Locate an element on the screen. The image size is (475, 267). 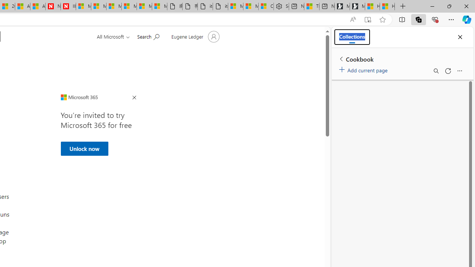
'How to Use a TV as a Computer Monitor' is located at coordinates (387, 6).